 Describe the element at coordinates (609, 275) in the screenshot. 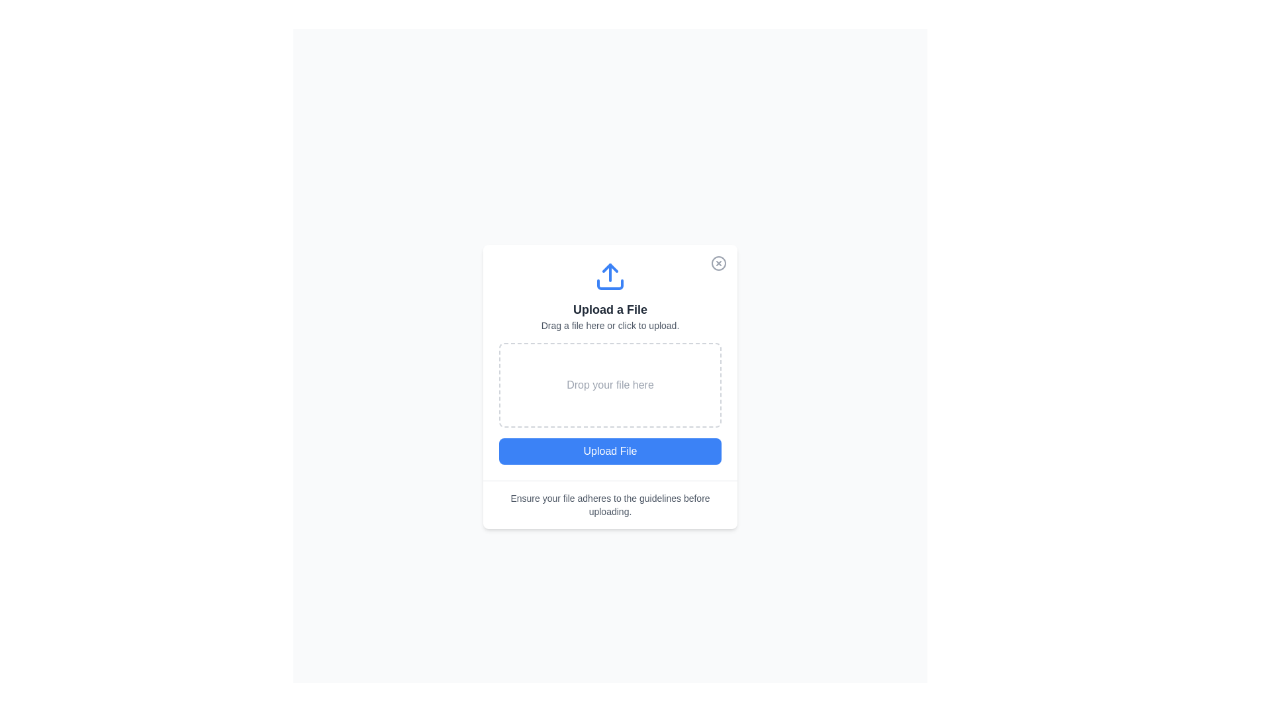

I see `the upload icon featuring a blue upward arrow above a horizontal line, located at the top-center of the file upload interface` at that location.